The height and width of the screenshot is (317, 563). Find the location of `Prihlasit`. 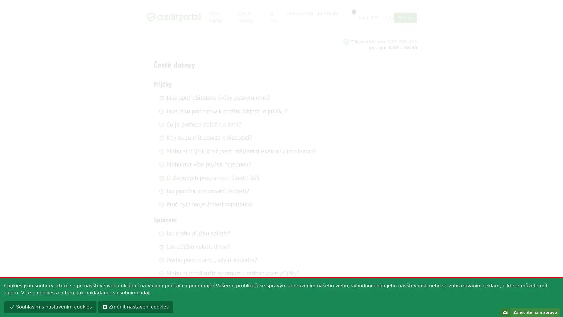

Prihlasit is located at coordinates (405, 17).